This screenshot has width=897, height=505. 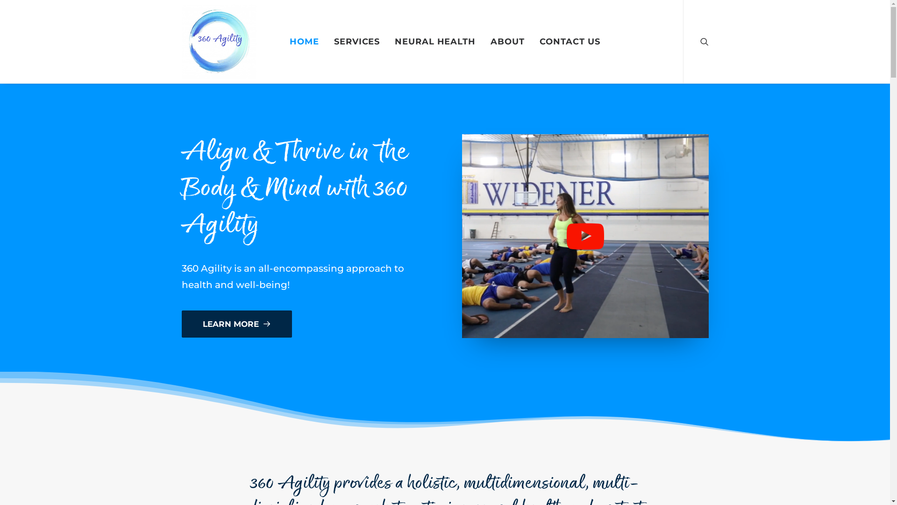 I want to click on 'NEURAL HEALTH', so click(x=434, y=41).